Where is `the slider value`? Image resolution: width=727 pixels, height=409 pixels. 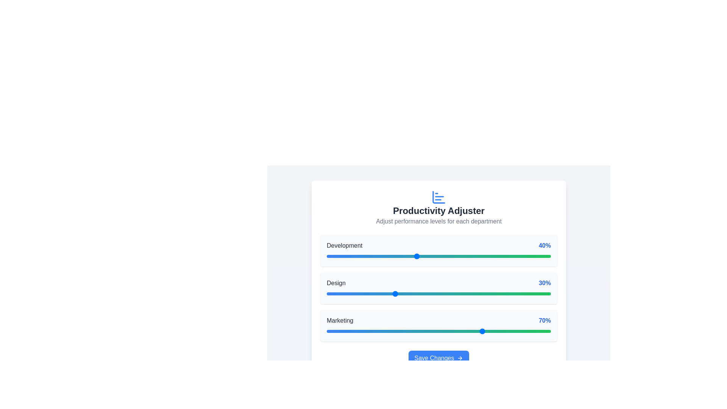 the slider value is located at coordinates (495, 331).